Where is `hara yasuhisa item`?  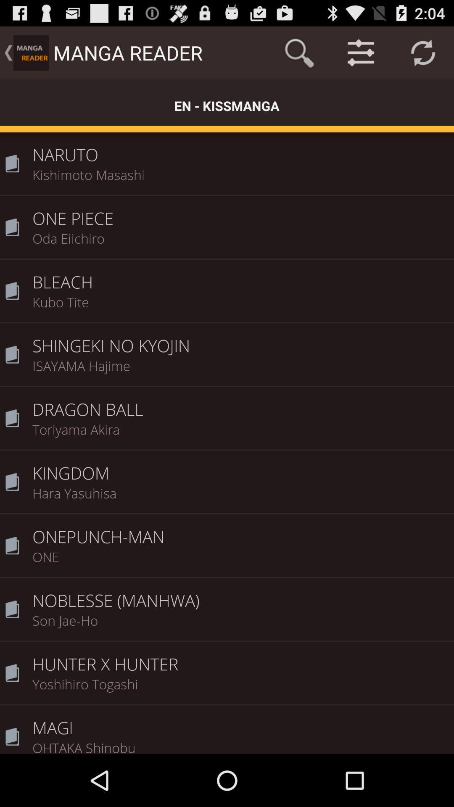 hara yasuhisa item is located at coordinates (240, 498).